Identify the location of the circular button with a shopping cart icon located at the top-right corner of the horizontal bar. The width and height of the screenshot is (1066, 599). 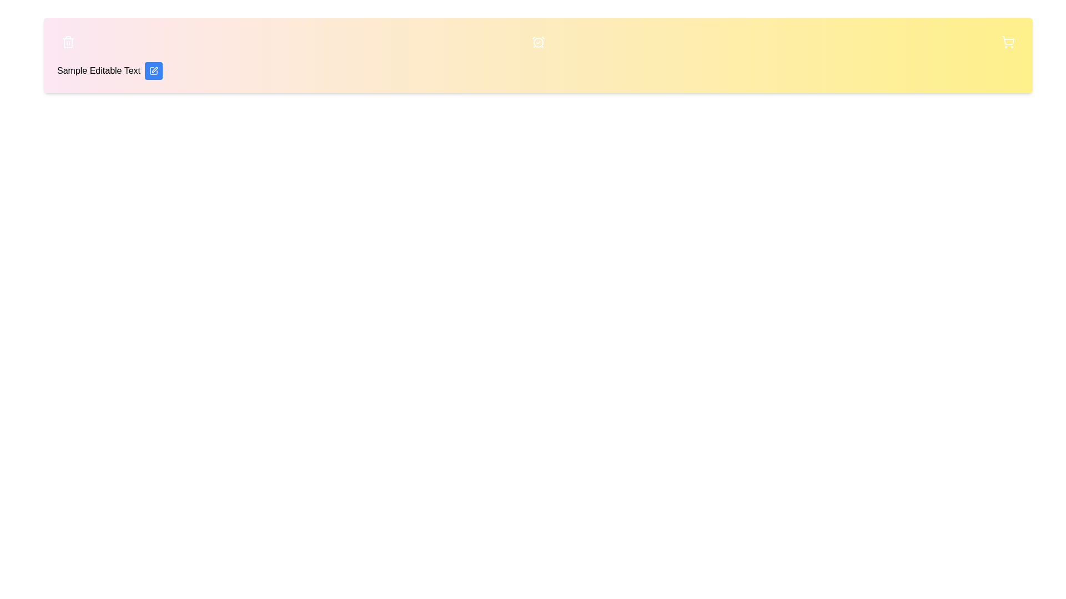
(1008, 42).